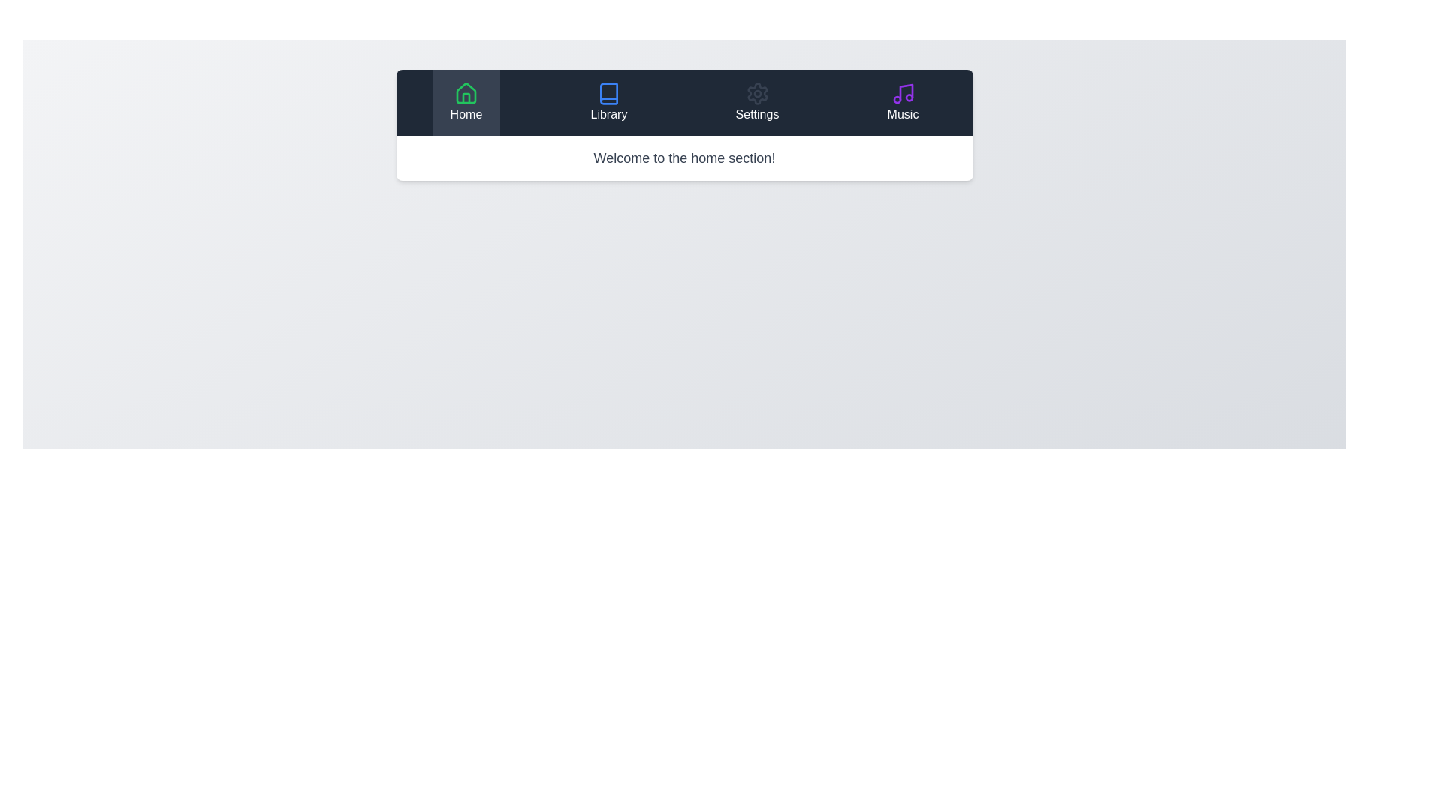 This screenshot has width=1442, height=811. What do you see at coordinates (757, 102) in the screenshot?
I see `the Settings tab to view its content` at bounding box center [757, 102].